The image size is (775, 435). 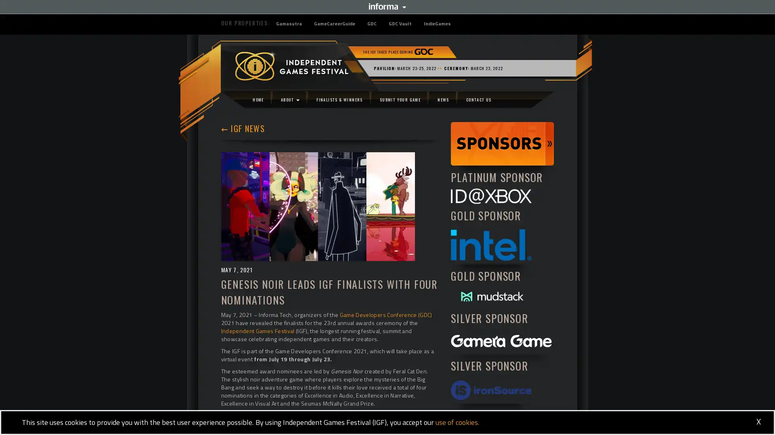 I want to click on Informa, so click(x=387, y=6).